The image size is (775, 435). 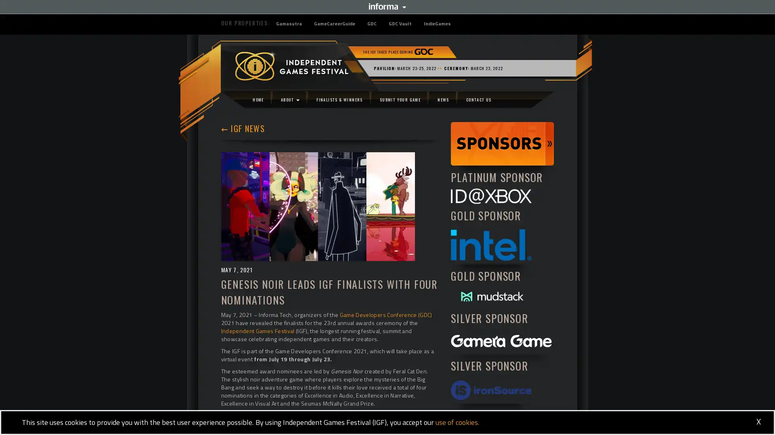 I want to click on Informa, so click(x=387, y=6).